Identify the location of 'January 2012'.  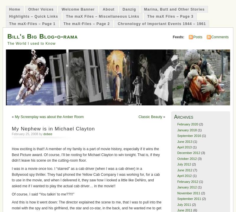
(187, 187).